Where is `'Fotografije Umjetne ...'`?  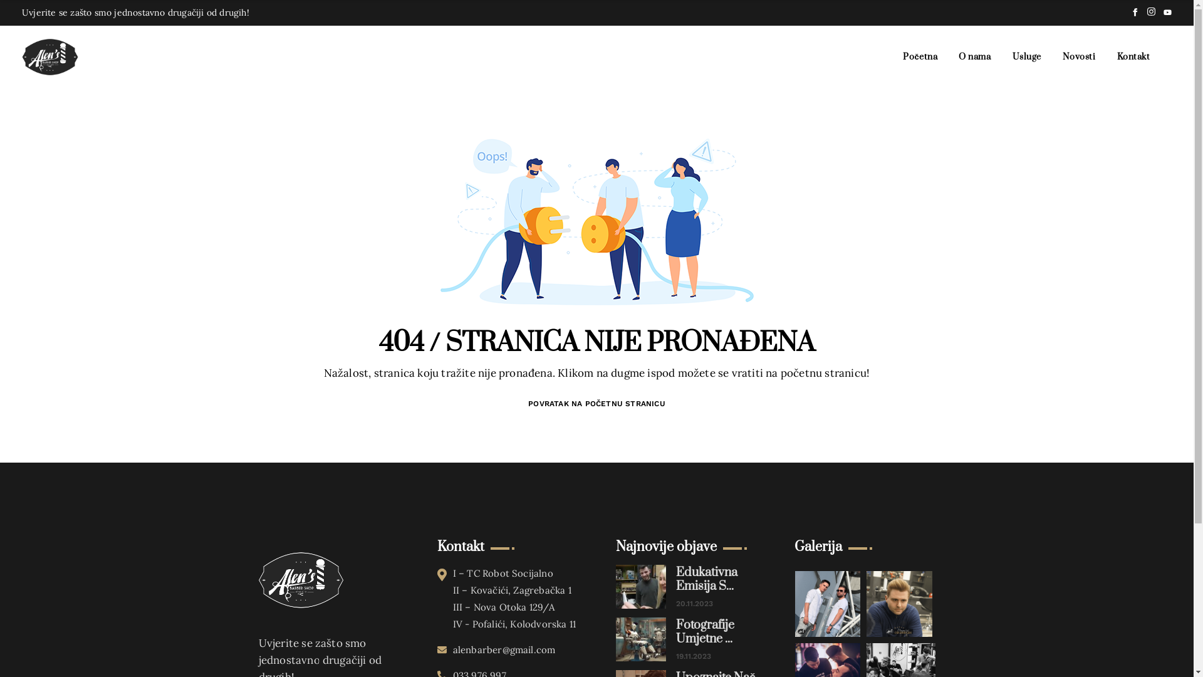
'Fotografije Umjetne ...' is located at coordinates (675, 632).